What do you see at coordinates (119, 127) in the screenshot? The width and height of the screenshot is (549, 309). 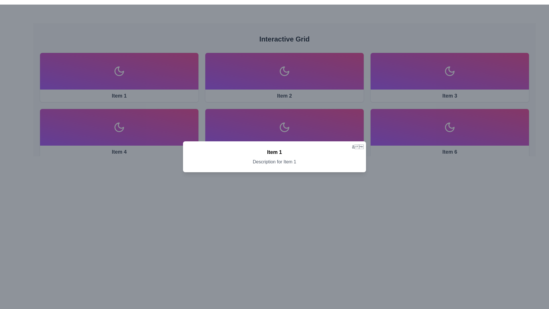 I see `the crescent moon icon with a white outline located in the center of the fourth item in a grid layout within the bottom row, which has a purple-pink gradient background and the text 'Item 4' below it` at bounding box center [119, 127].